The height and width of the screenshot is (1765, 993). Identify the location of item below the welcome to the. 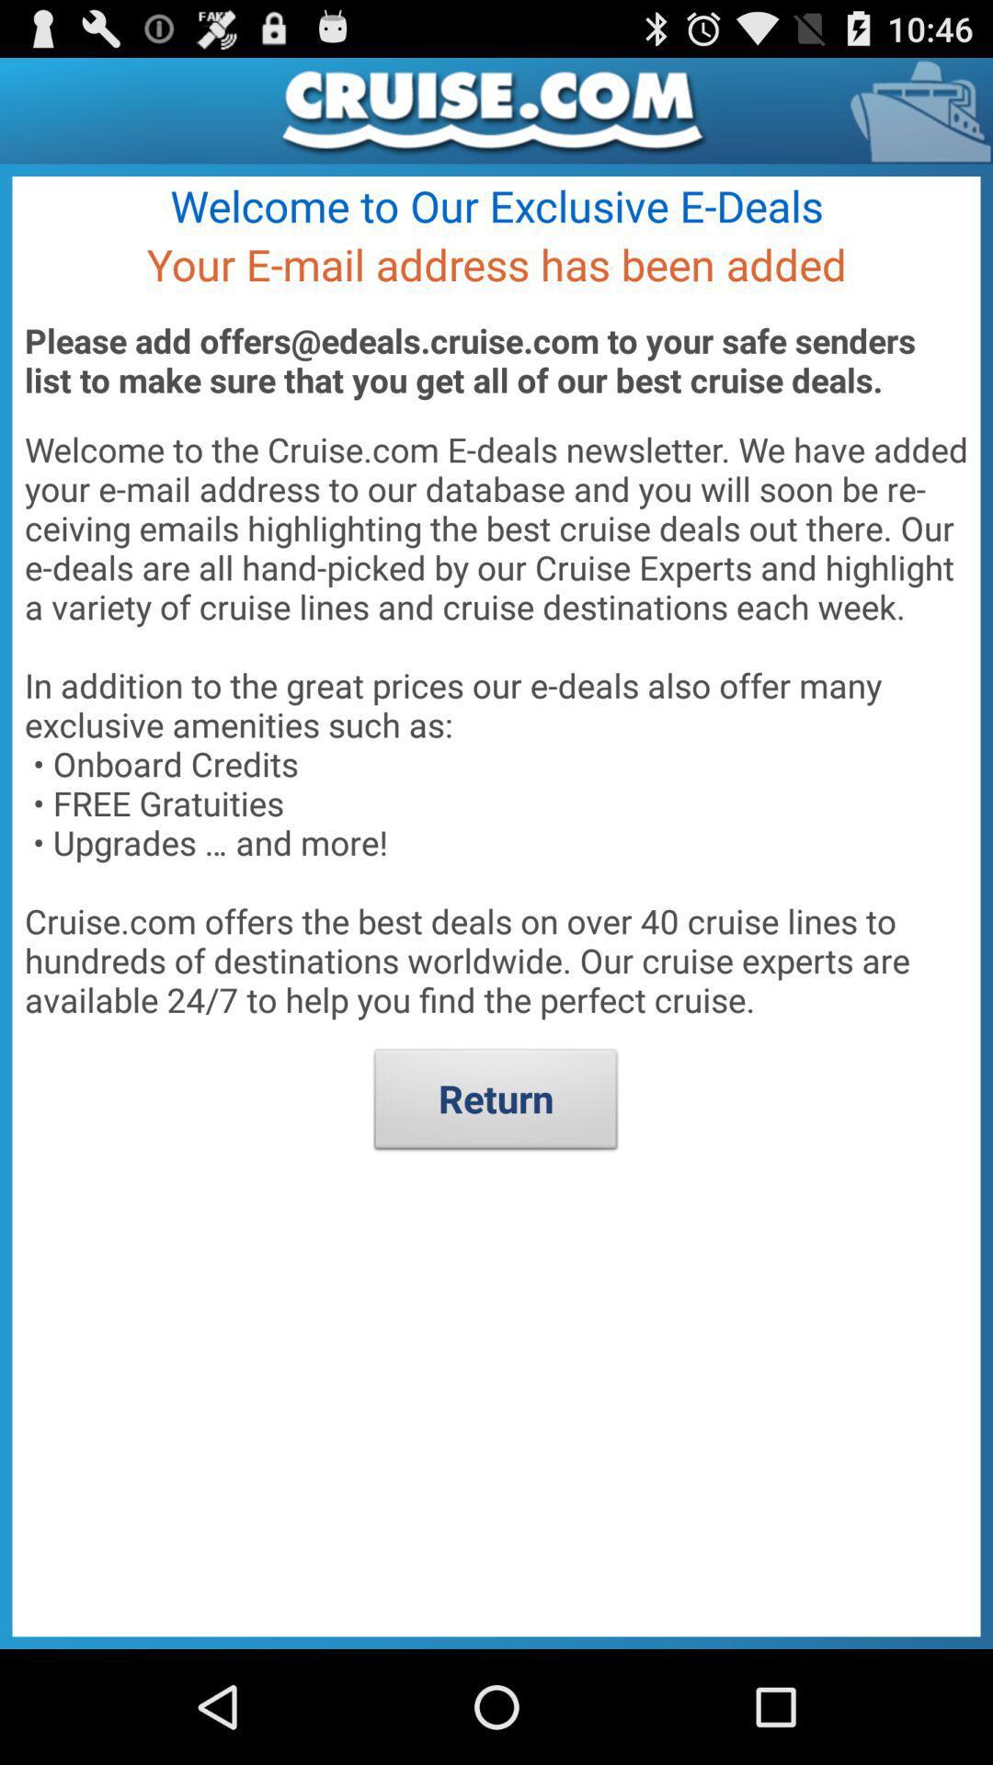
(495, 1103).